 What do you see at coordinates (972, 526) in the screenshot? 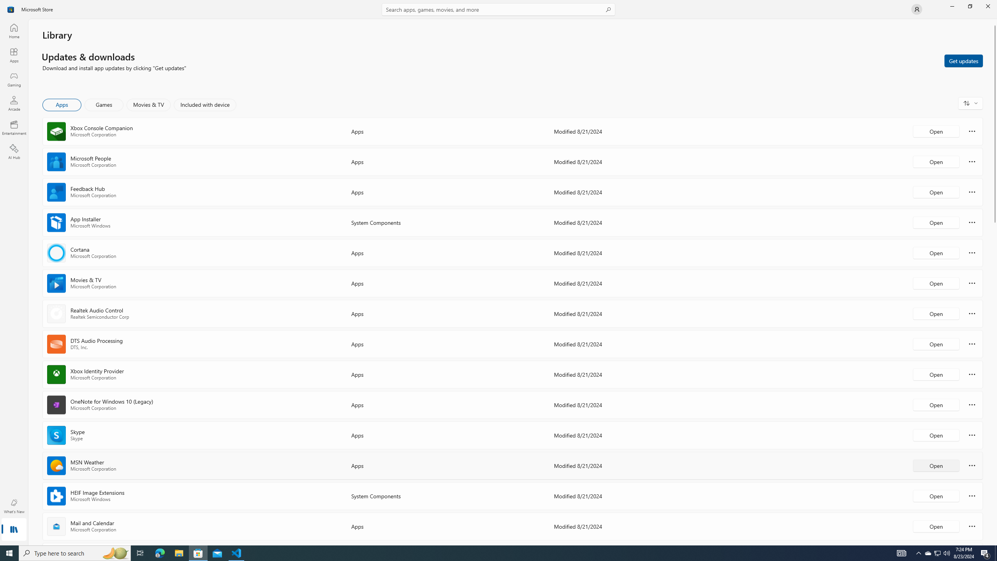
I see `'More options'` at bounding box center [972, 526].